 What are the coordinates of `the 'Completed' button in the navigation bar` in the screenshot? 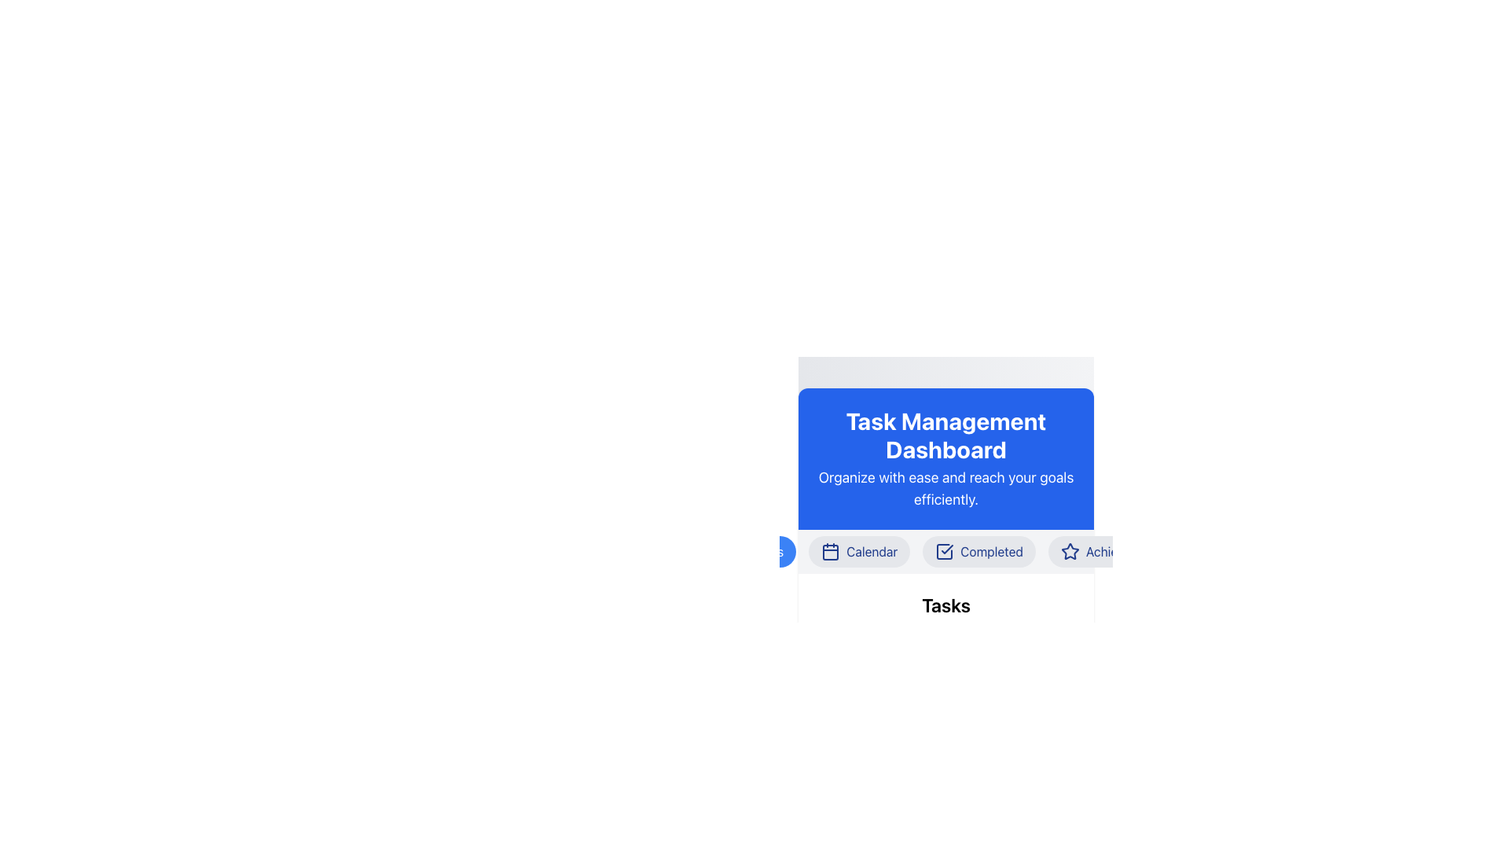 It's located at (978, 551).